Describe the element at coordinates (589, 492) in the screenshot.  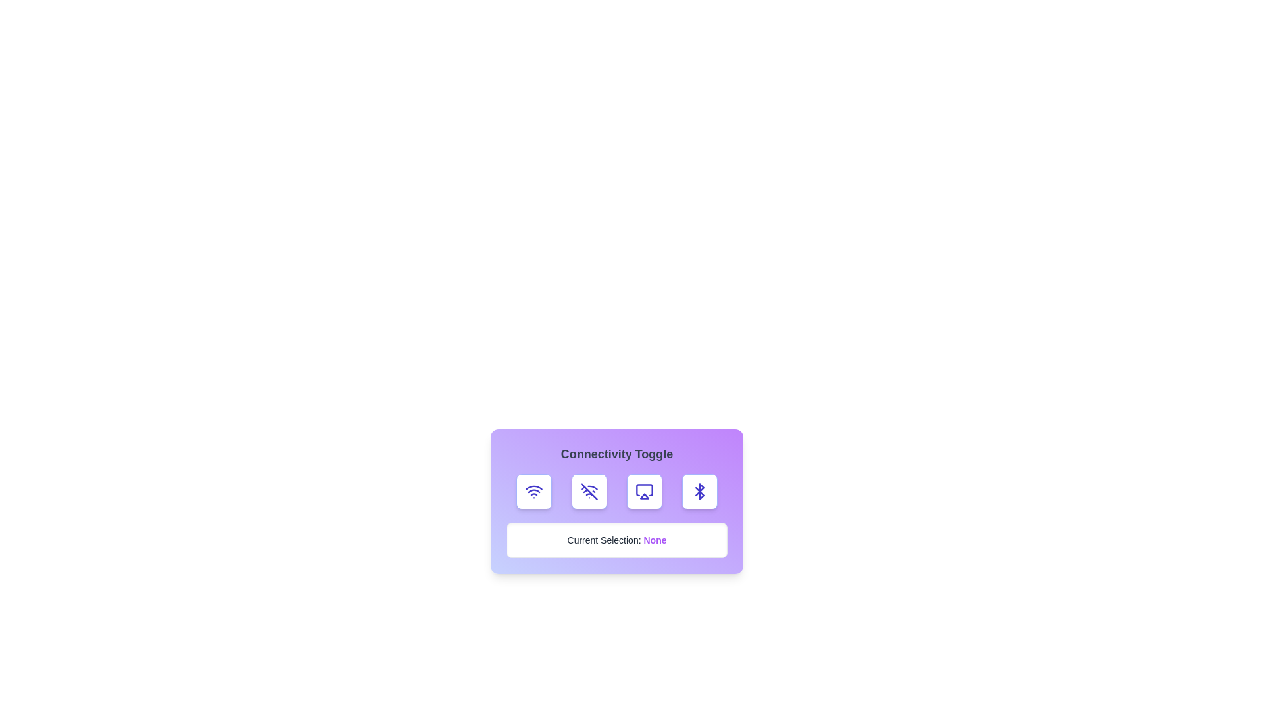
I see `the connectivity option Offline by clicking its corresponding button` at that location.